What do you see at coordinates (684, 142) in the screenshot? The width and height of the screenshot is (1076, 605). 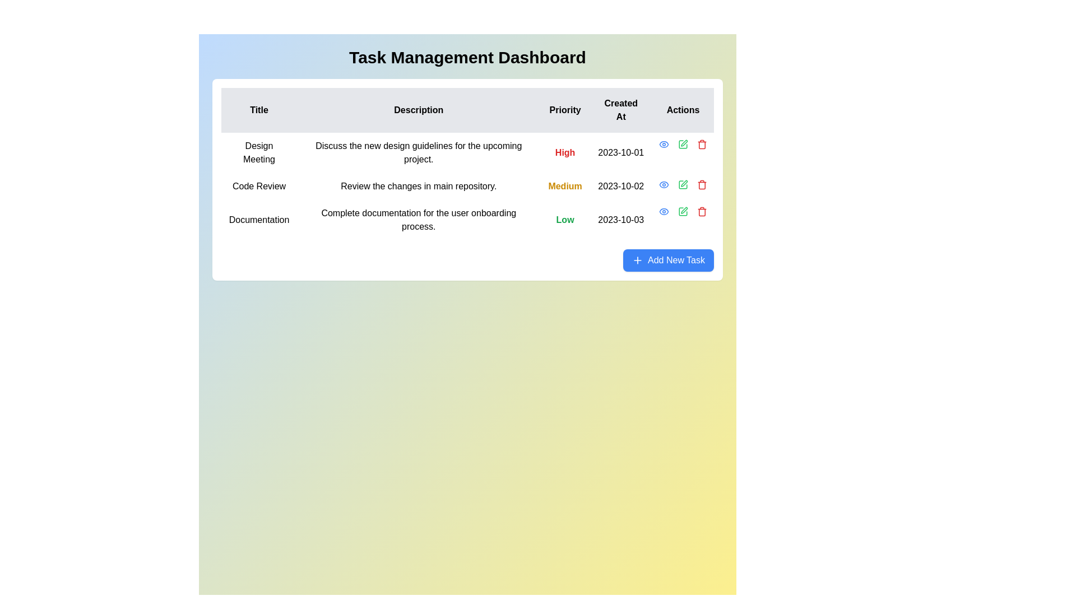 I see `the edit icon in the actions column of the 'Code Review' table row` at bounding box center [684, 142].